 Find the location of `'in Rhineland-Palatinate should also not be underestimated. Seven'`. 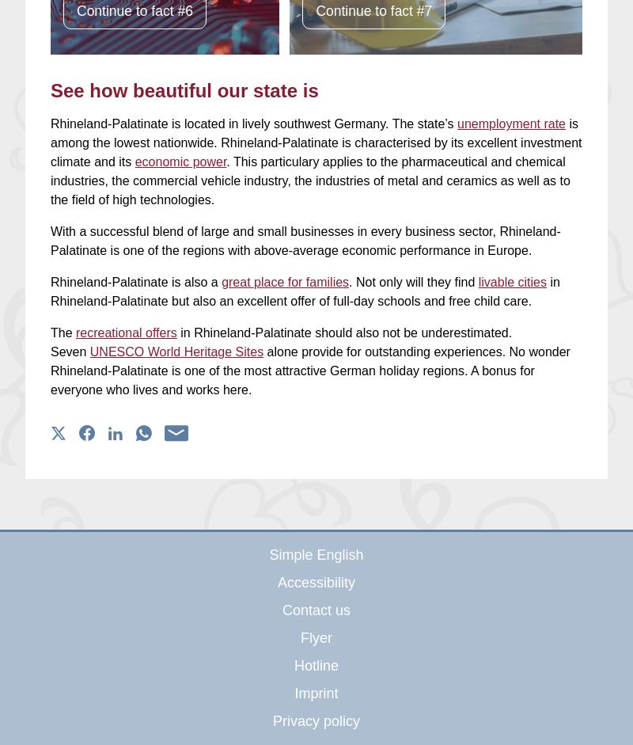

'in Rhineland-Palatinate should also not be underestimated. Seven' is located at coordinates (50, 342).